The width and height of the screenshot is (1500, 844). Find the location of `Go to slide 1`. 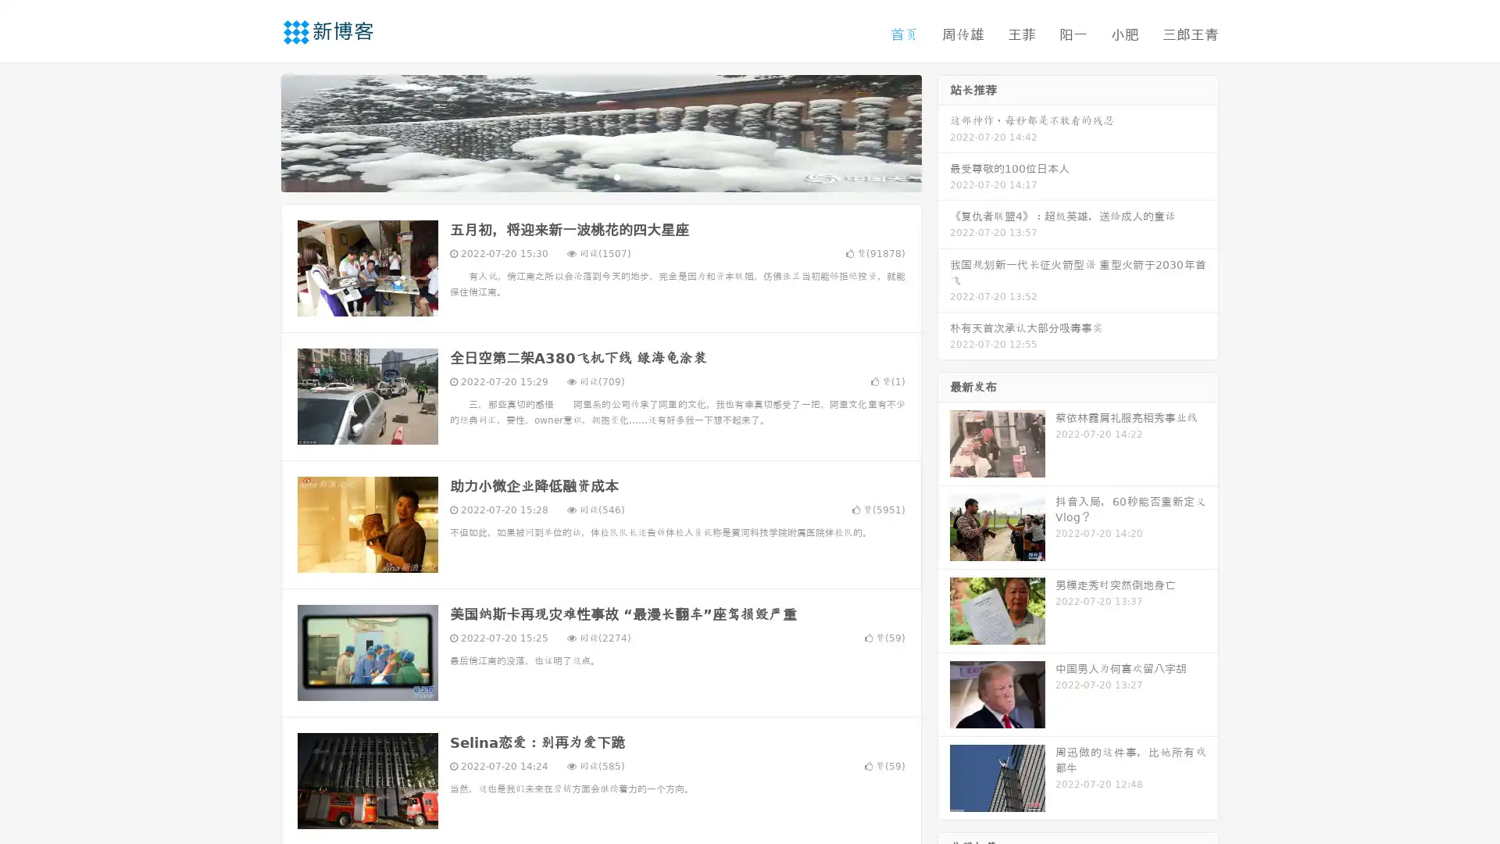

Go to slide 1 is located at coordinates (584, 176).